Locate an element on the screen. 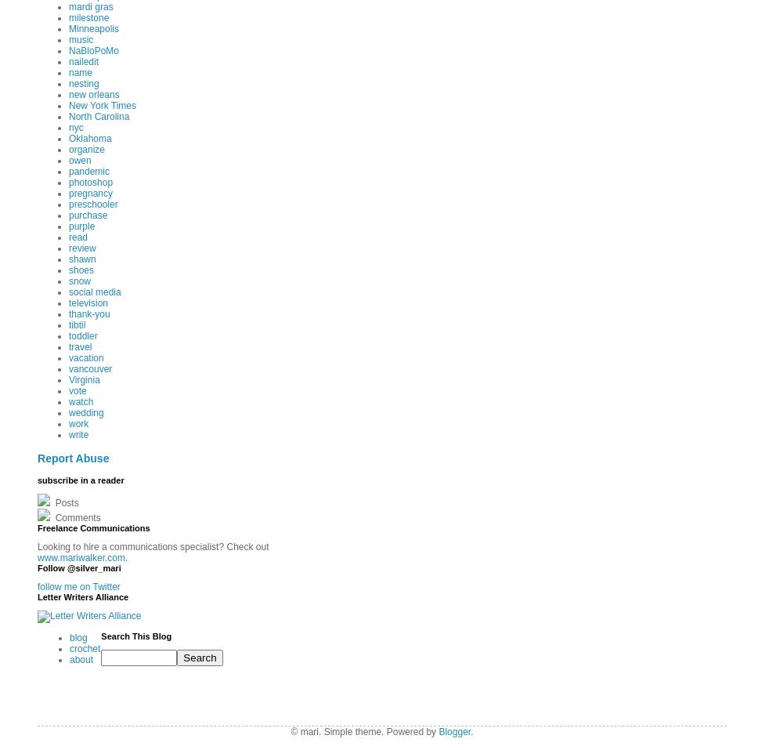 The height and width of the screenshot is (750, 758). 'vancouver' is located at coordinates (90, 368).